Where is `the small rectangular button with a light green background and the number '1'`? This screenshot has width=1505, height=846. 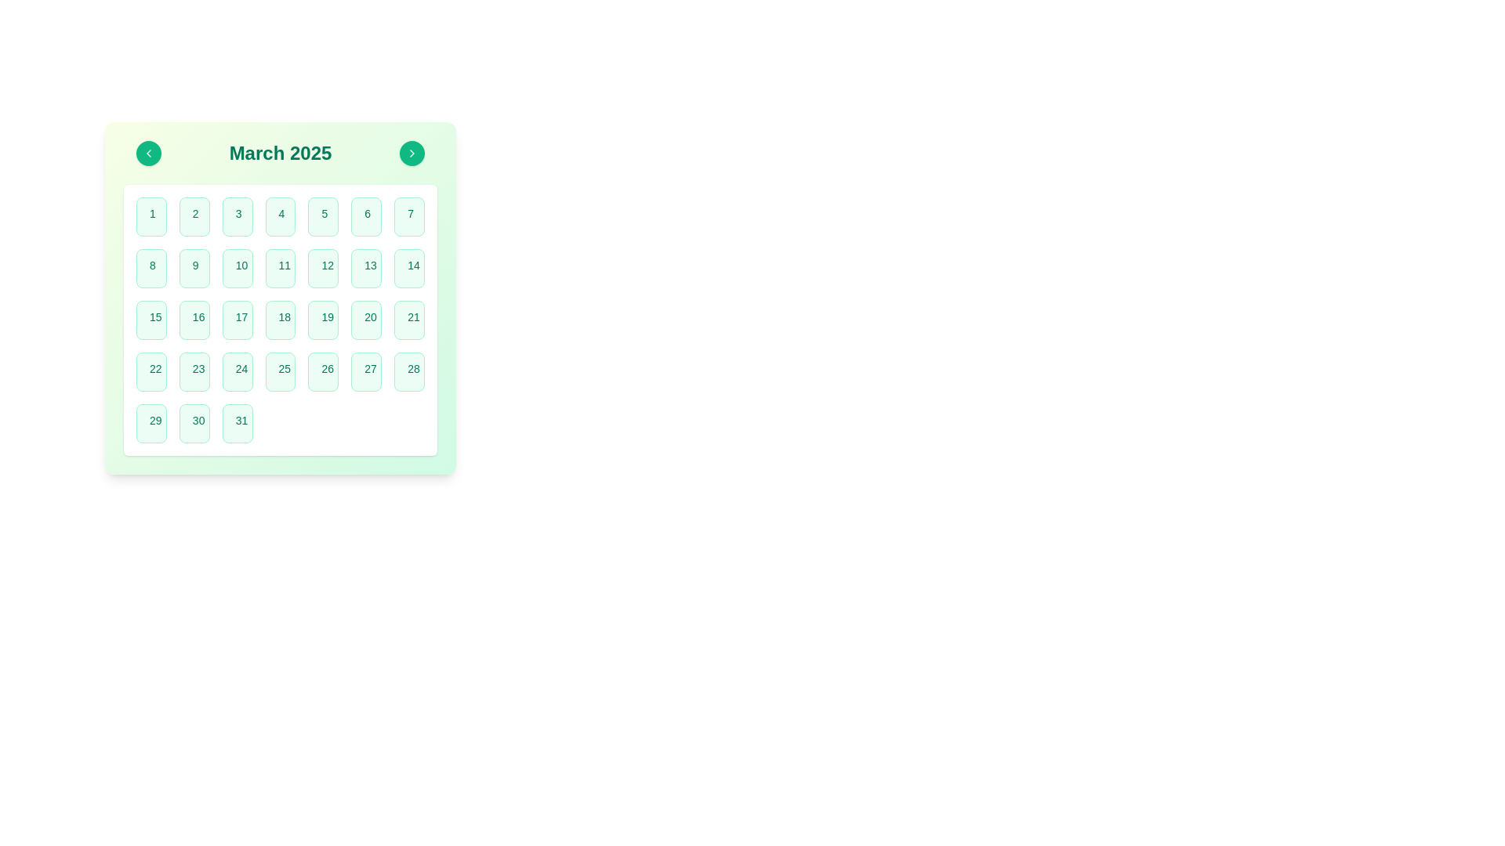 the small rectangular button with a light green background and the number '1' is located at coordinates (151, 217).